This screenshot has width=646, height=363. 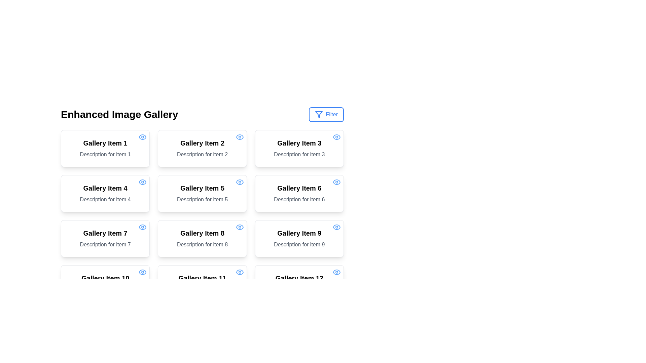 I want to click on the blue eye icon located in the top-right corner of the card labeled 'Gallery Item 6' to interact with its functionality, so click(x=337, y=182).